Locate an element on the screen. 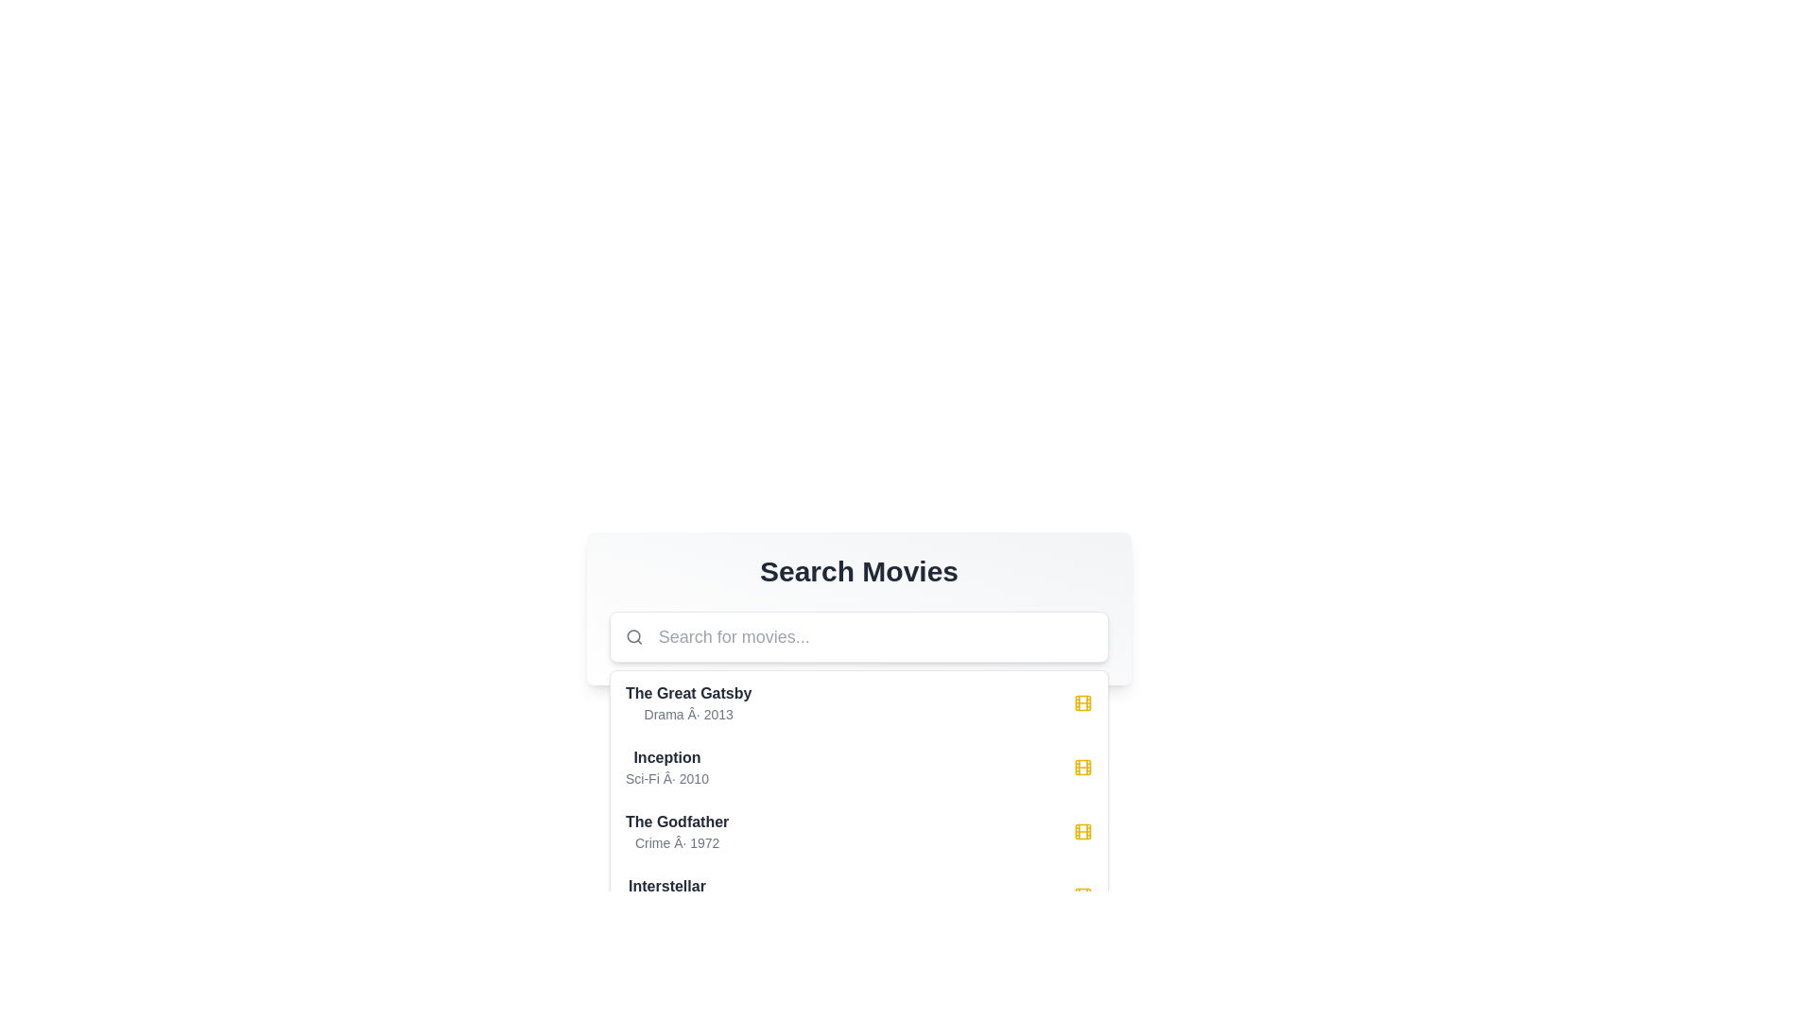  the interactive search input field of the composite UI component for movie searching to activate it is located at coordinates (857, 609).